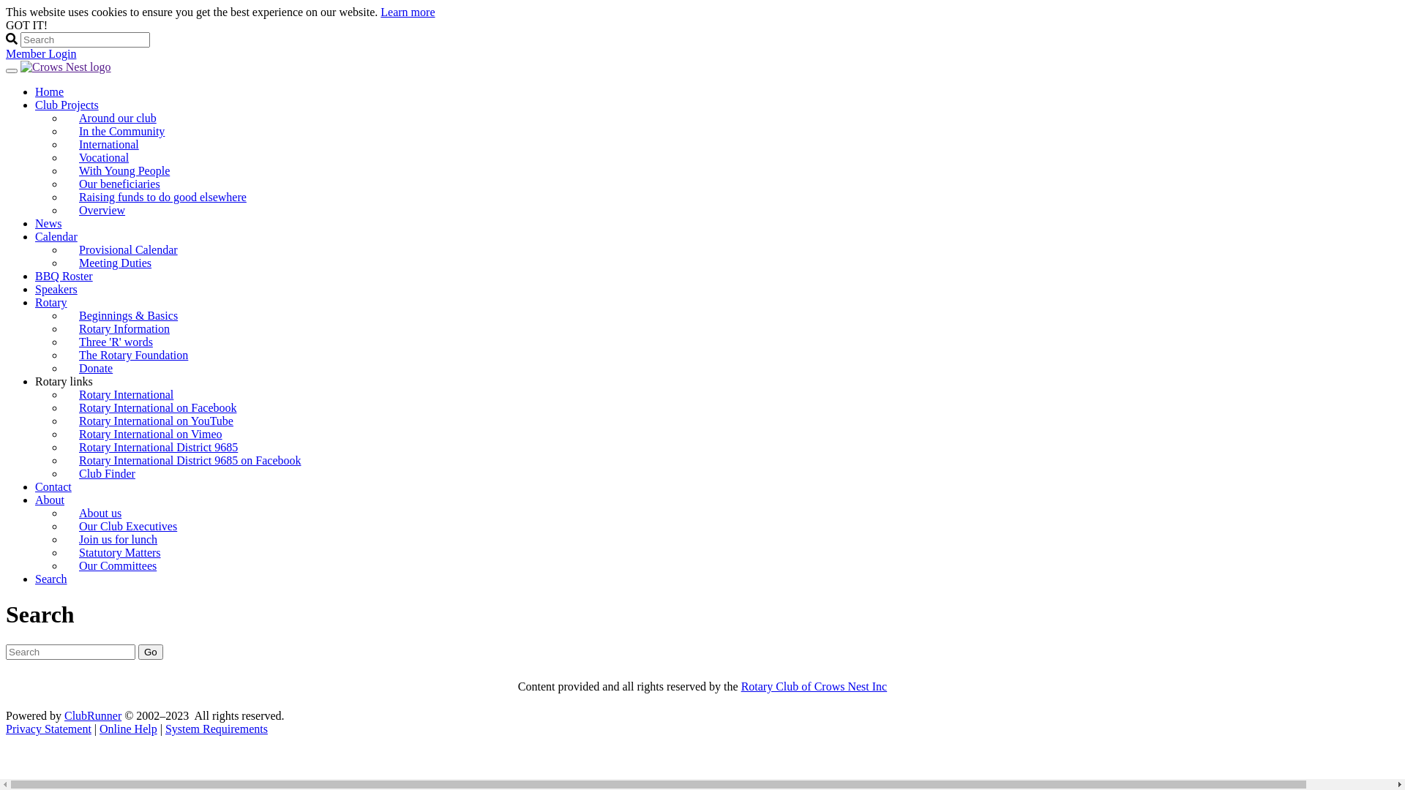 Image resolution: width=1405 pixels, height=790 pixels. I want to click on 'Provisional Calendar', so click(63, 249).